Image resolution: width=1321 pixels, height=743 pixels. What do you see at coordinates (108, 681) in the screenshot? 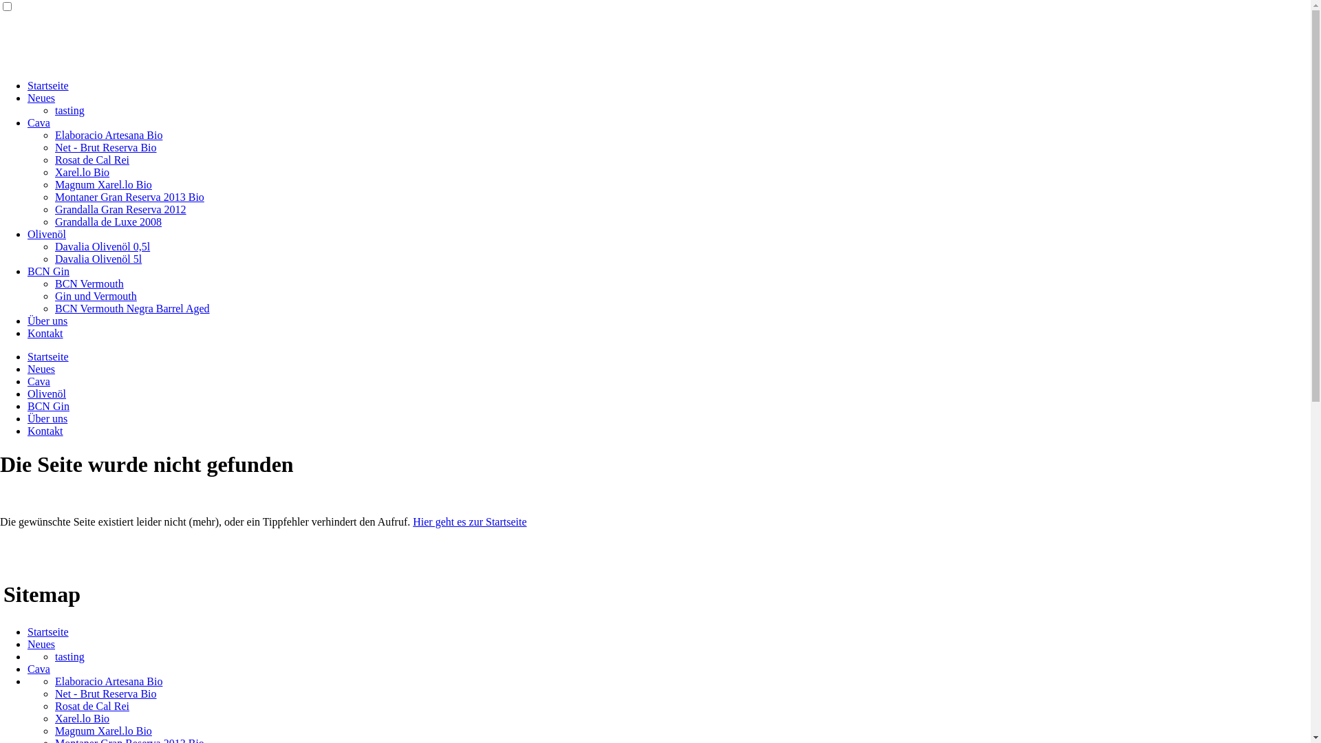
I see `'Elaboracio Artesana Bio'` at bounding box center [108, 681].